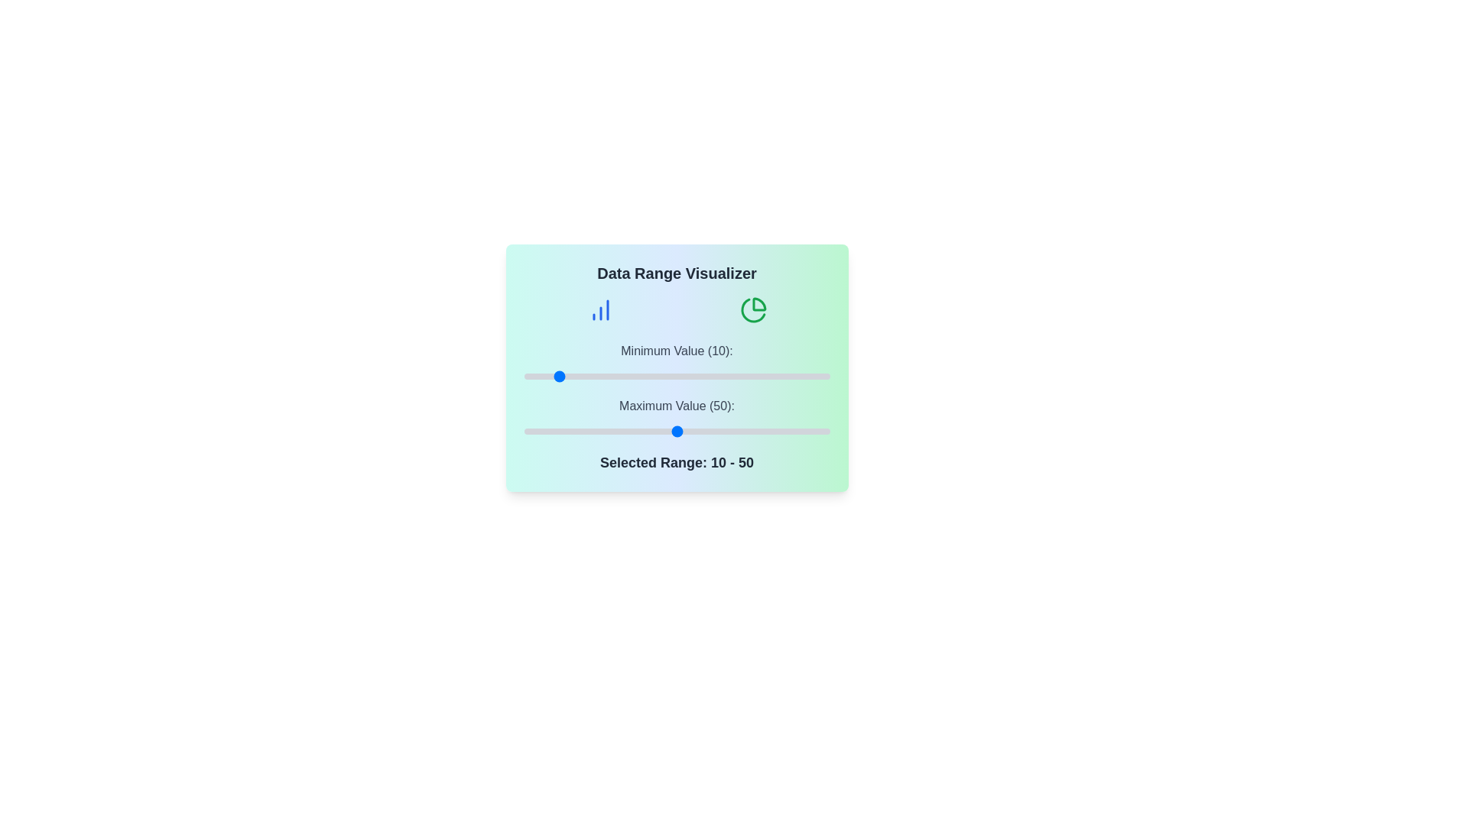  Describe the element at coordinates (606, 377) in the screenshot. I see `the minimum value slider to 27` at that location.